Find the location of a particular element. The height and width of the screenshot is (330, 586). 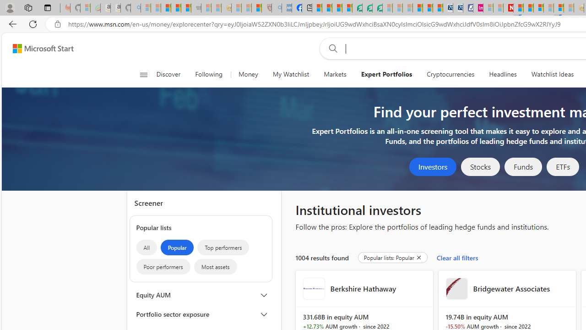

'Headlines' is located at coordinates (502, 74).